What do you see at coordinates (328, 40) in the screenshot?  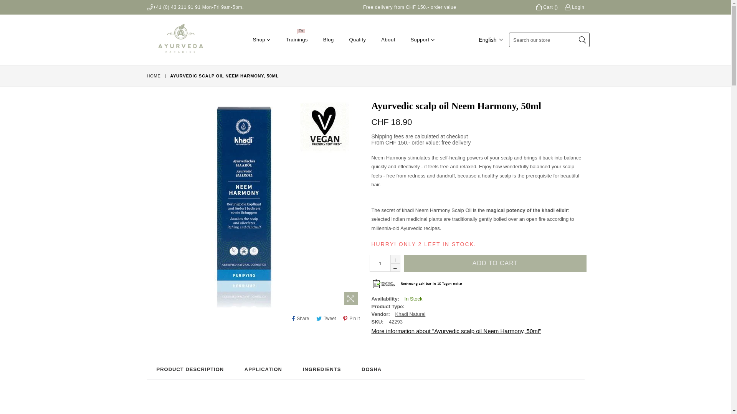 I see `'Blog'` at bounding box center [328, 40].